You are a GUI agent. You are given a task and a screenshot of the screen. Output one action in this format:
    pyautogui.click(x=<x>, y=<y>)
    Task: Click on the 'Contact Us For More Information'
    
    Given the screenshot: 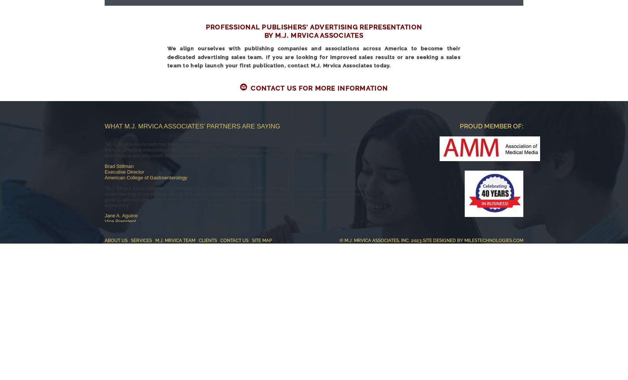 What is the action you would take?
    pyautogui.click(x=319, y=87)
    